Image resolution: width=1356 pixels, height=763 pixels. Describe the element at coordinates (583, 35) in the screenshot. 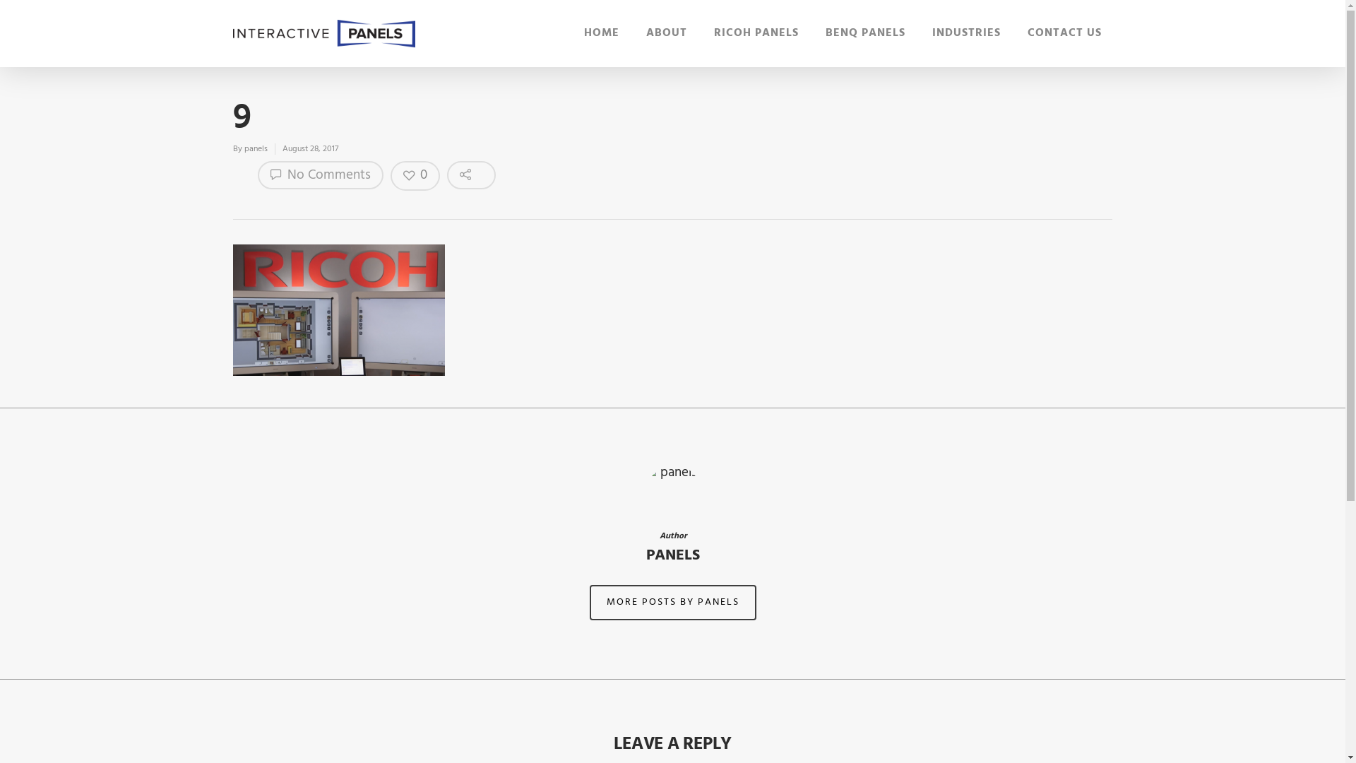

I see `'HOME'` at that location.